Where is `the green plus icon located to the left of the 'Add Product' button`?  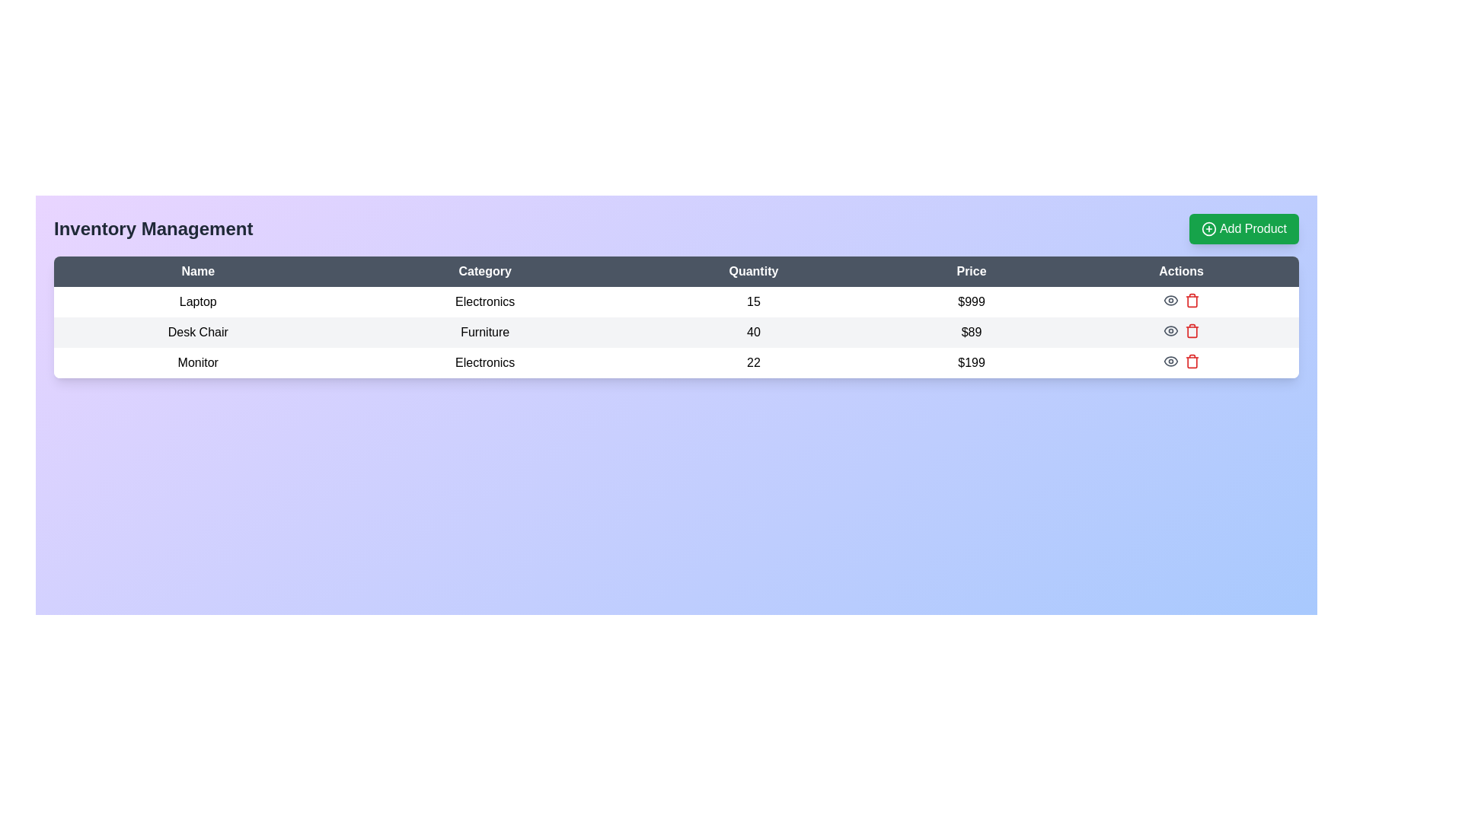 the green plus icon located to the left of the 'Add Product' button is located at coordinates (1208, 228).